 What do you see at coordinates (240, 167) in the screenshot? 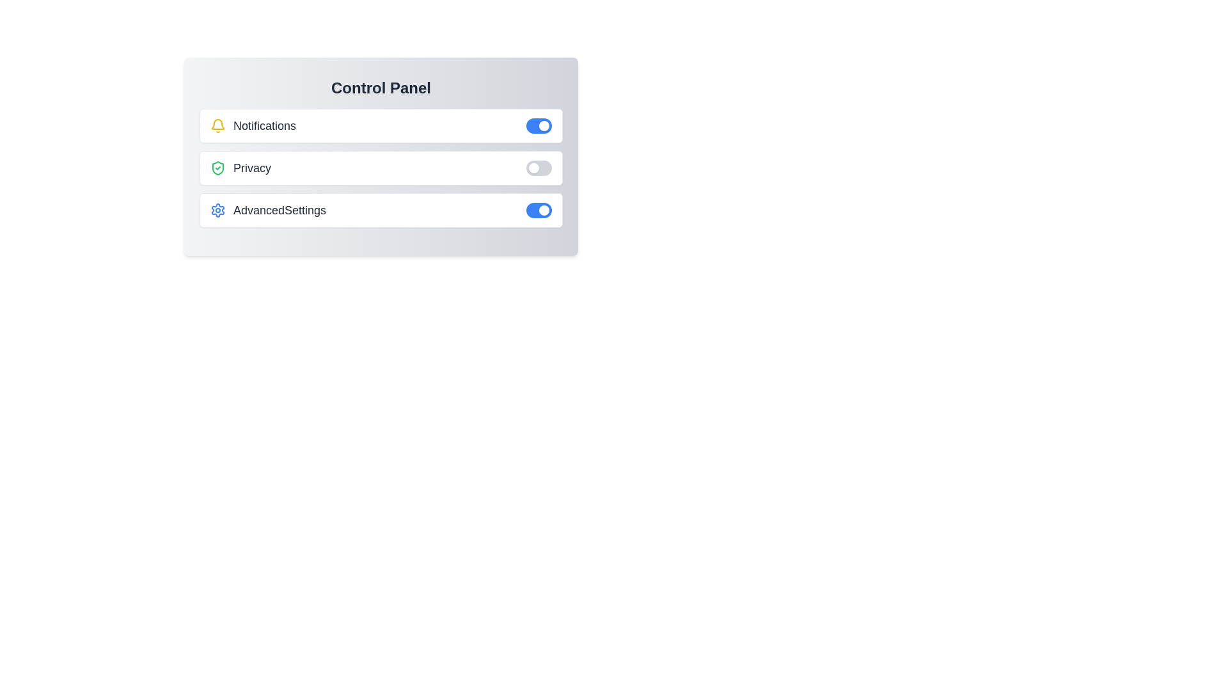
I see `the text label of the feature Privacy` at bounding box center [240, 167].